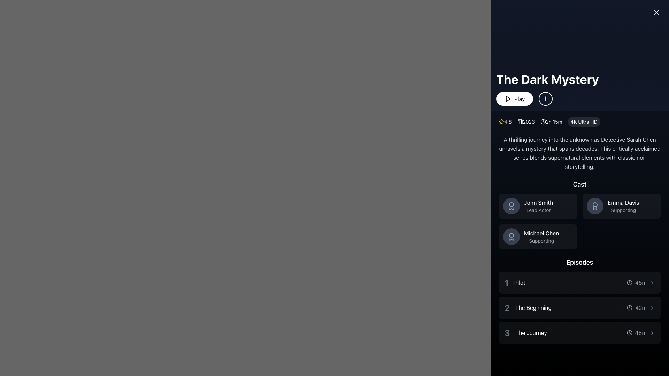 The width and height of the screenshot is (669, 376). Describe the element at coordinates (595, 205) in the screenshot. I see `the award icon located in the profile of Emma Davis within the Cast section` at that location.